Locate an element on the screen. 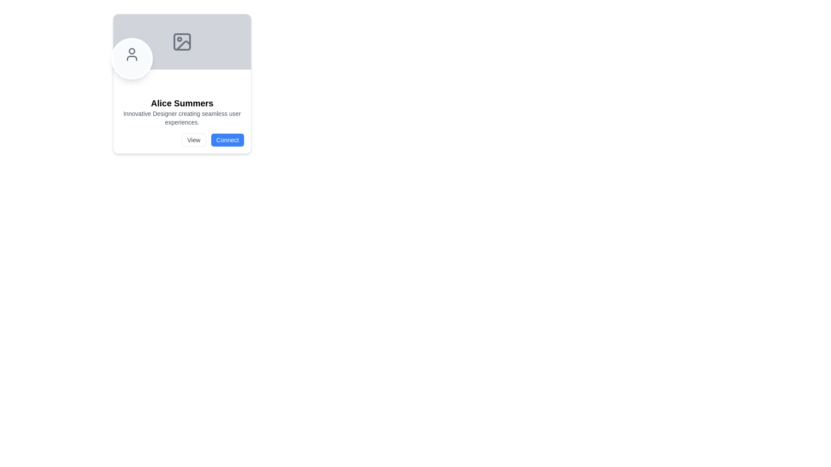  the Text block that provides supplementary information about 'Alice Summers', positioned below the title and above the 'View' and 'Connect' buttons is located at coordinates (182, 118).